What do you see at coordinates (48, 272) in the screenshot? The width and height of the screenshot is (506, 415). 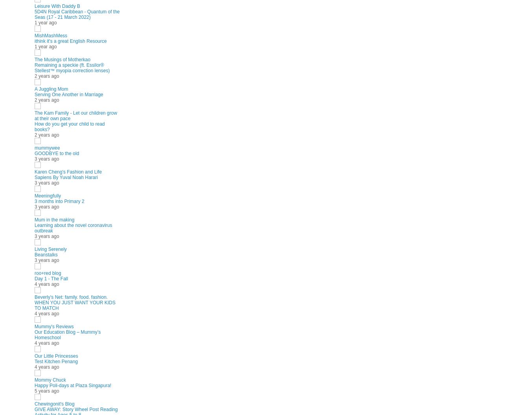 I see `'roo+red blog'` at bounding box center [48, 272].